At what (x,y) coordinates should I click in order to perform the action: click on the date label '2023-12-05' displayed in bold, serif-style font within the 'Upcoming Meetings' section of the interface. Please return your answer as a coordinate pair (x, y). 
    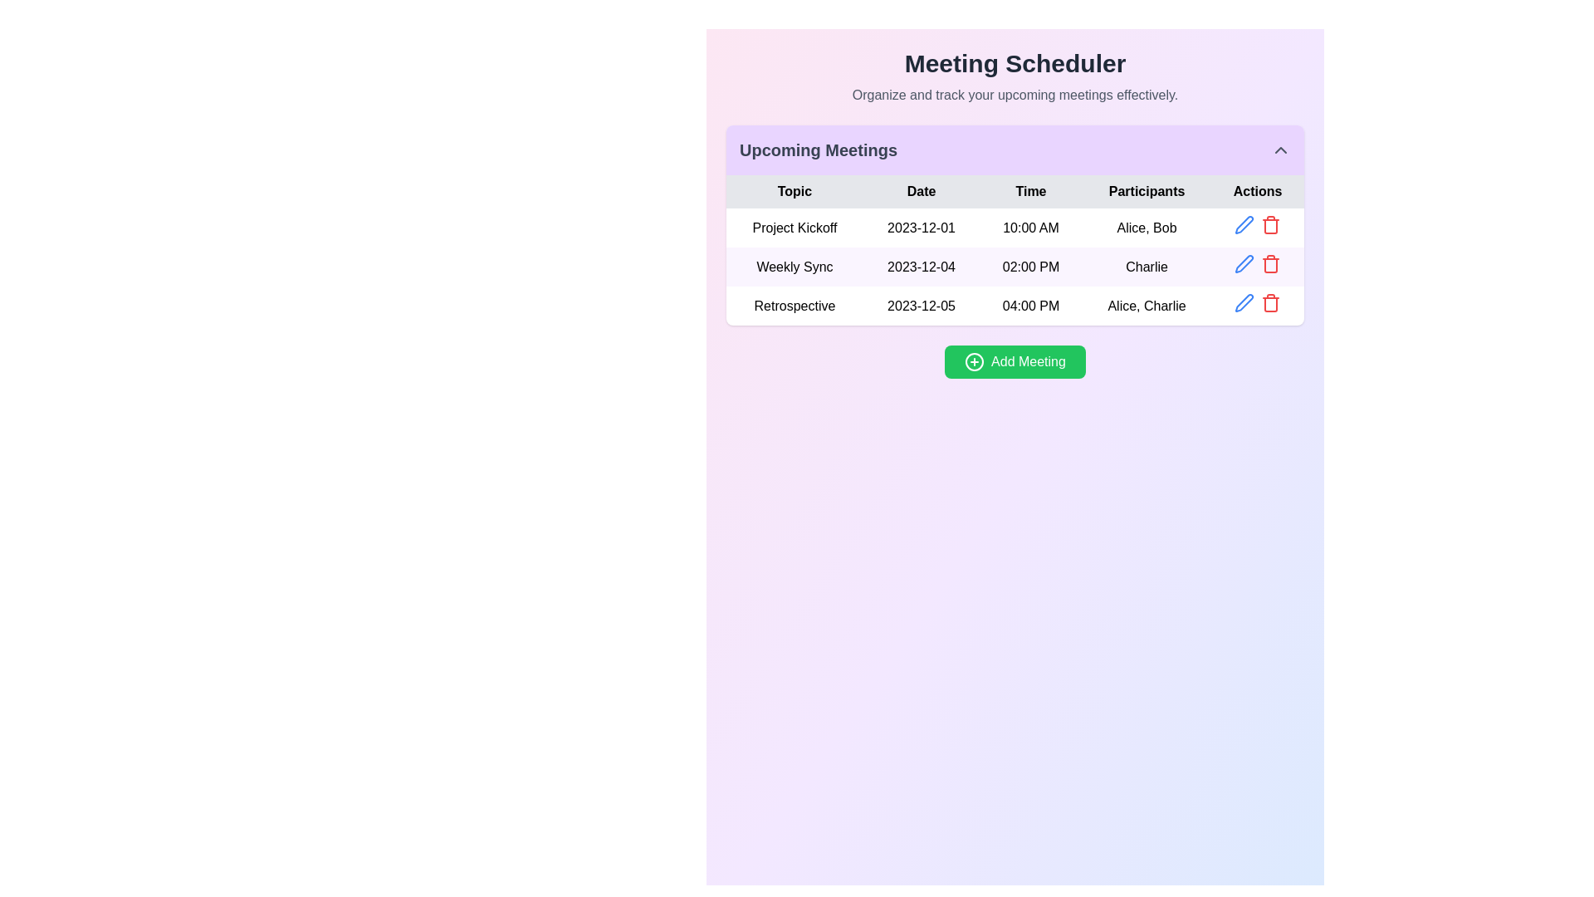
    Looking at the image, I should click on (920, 306).